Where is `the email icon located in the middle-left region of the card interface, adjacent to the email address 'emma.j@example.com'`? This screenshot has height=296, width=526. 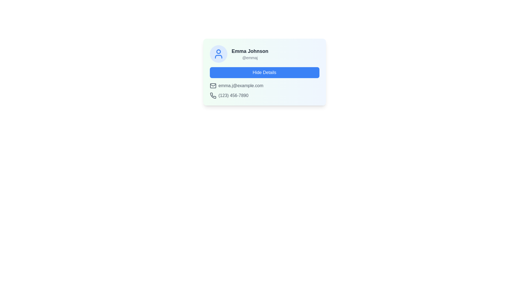 the email icon located in the middle-left region of the card interface, adjacent to the email address 'emma.j@example.com' is located at coordinates (213, 86).